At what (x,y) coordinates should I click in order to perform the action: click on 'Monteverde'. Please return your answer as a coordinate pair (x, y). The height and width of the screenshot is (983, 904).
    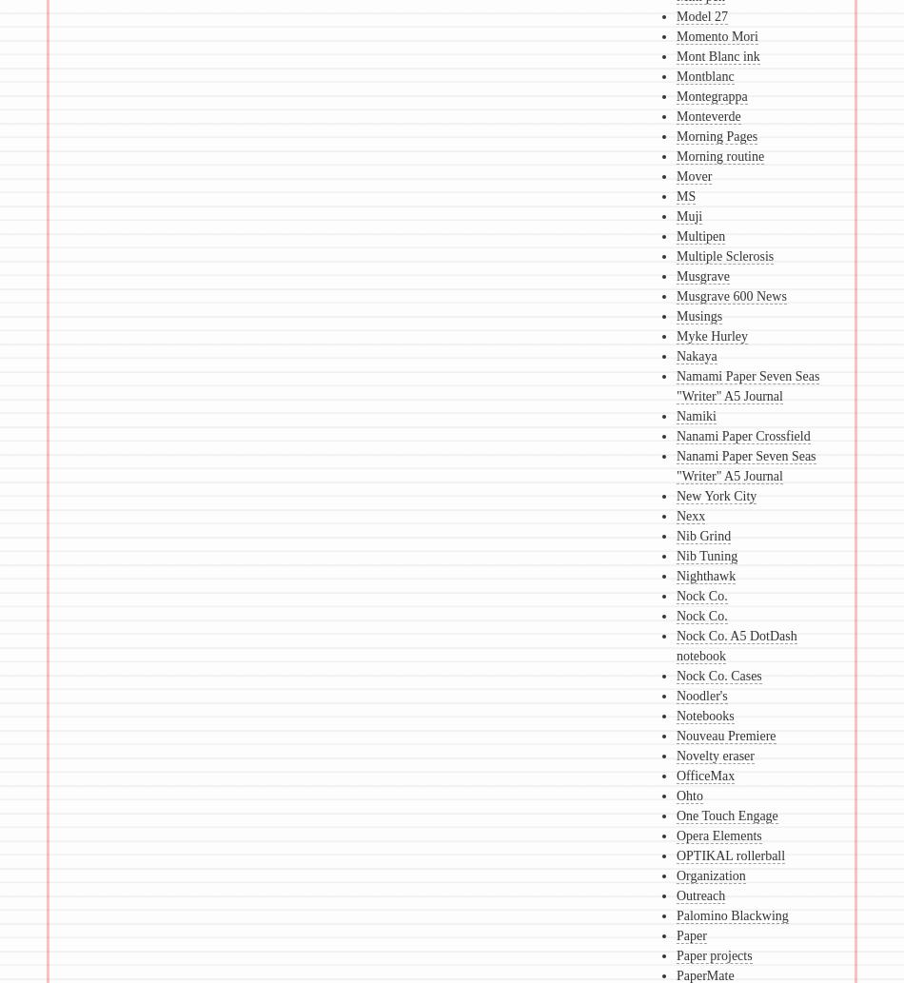
    Looking at the image, I should click on (707, 116).